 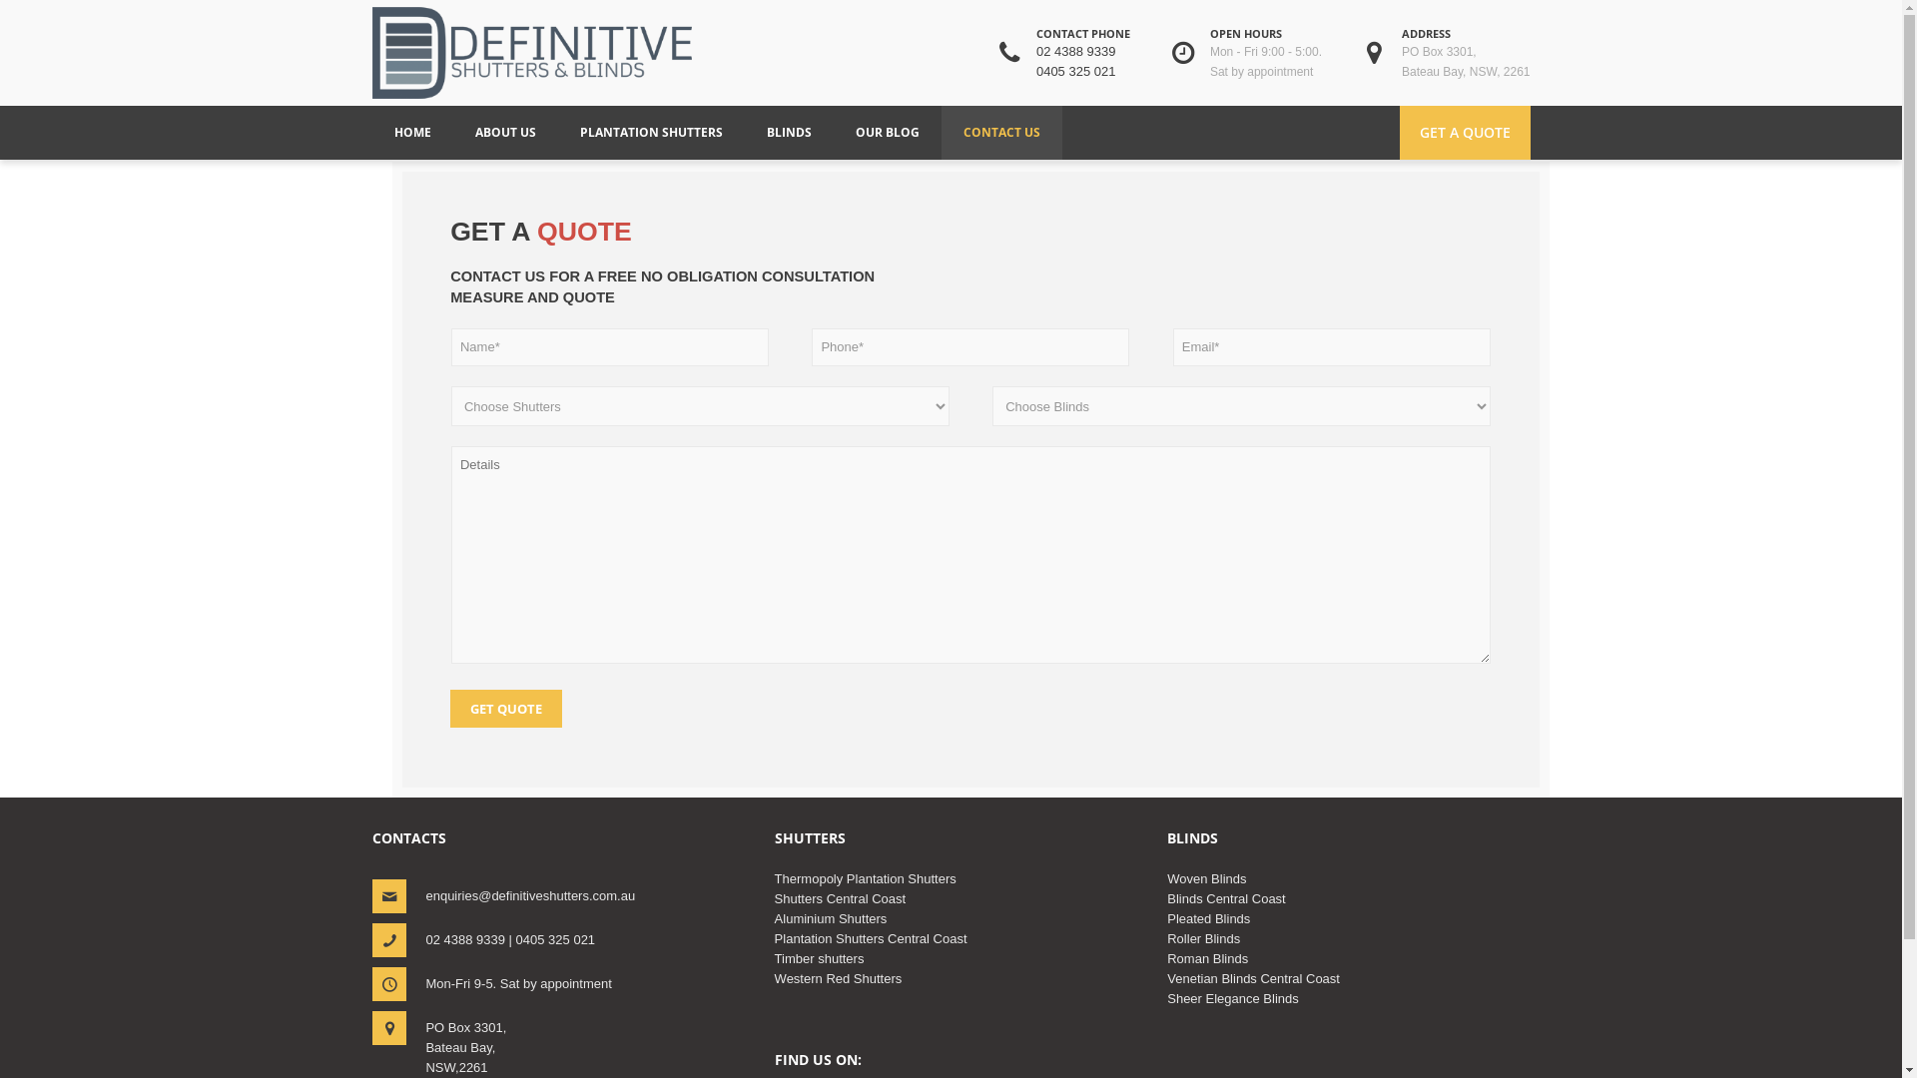 What do you see at coordinates (819, 957) in the screenshot?
I see `'Timber shutters'` at bounding box center [819, 957].